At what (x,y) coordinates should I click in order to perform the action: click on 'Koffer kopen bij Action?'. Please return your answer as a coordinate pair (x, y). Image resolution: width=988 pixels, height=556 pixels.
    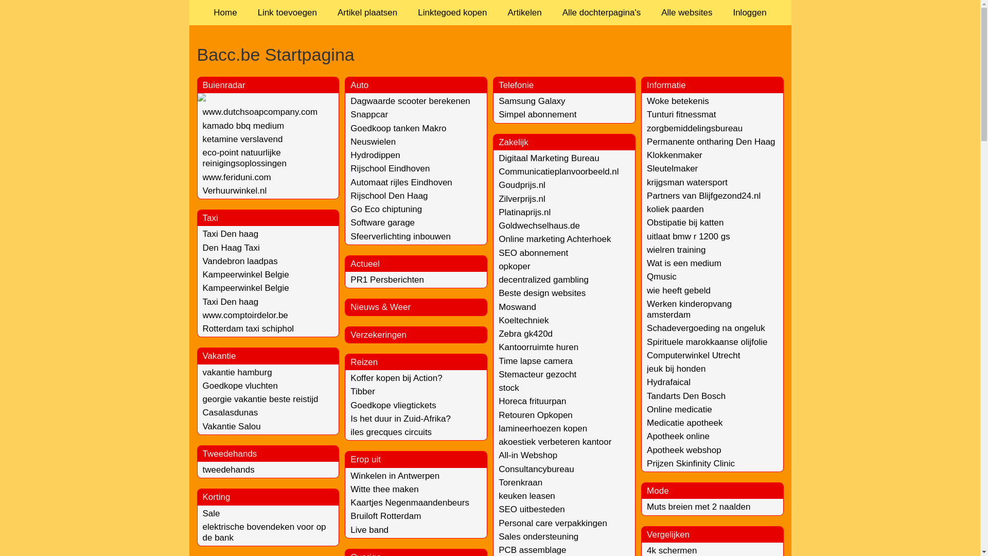
    Looking at the image, I should click on (395, 378).